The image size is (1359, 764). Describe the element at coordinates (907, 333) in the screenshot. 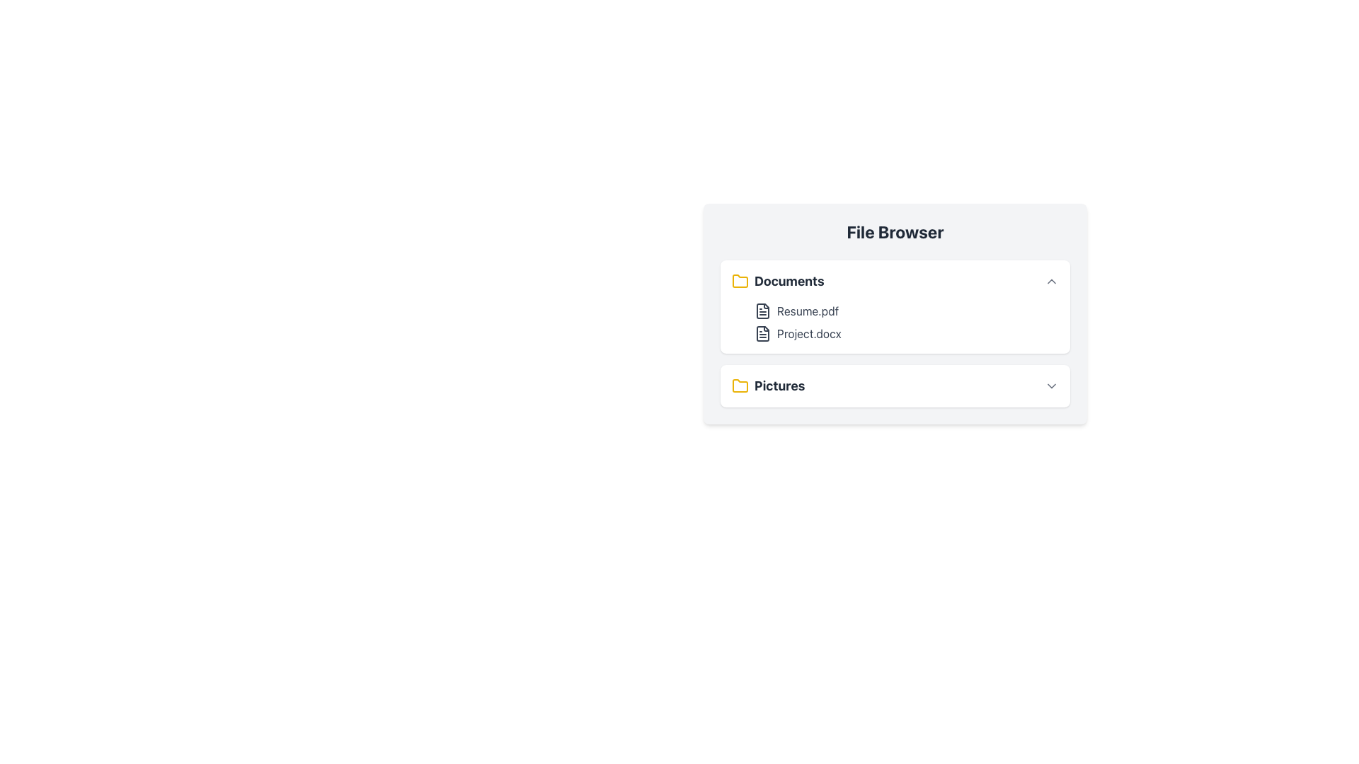

I see `on the 'Project.docx' file row in the 'Documents' section of the file browser` at that location.